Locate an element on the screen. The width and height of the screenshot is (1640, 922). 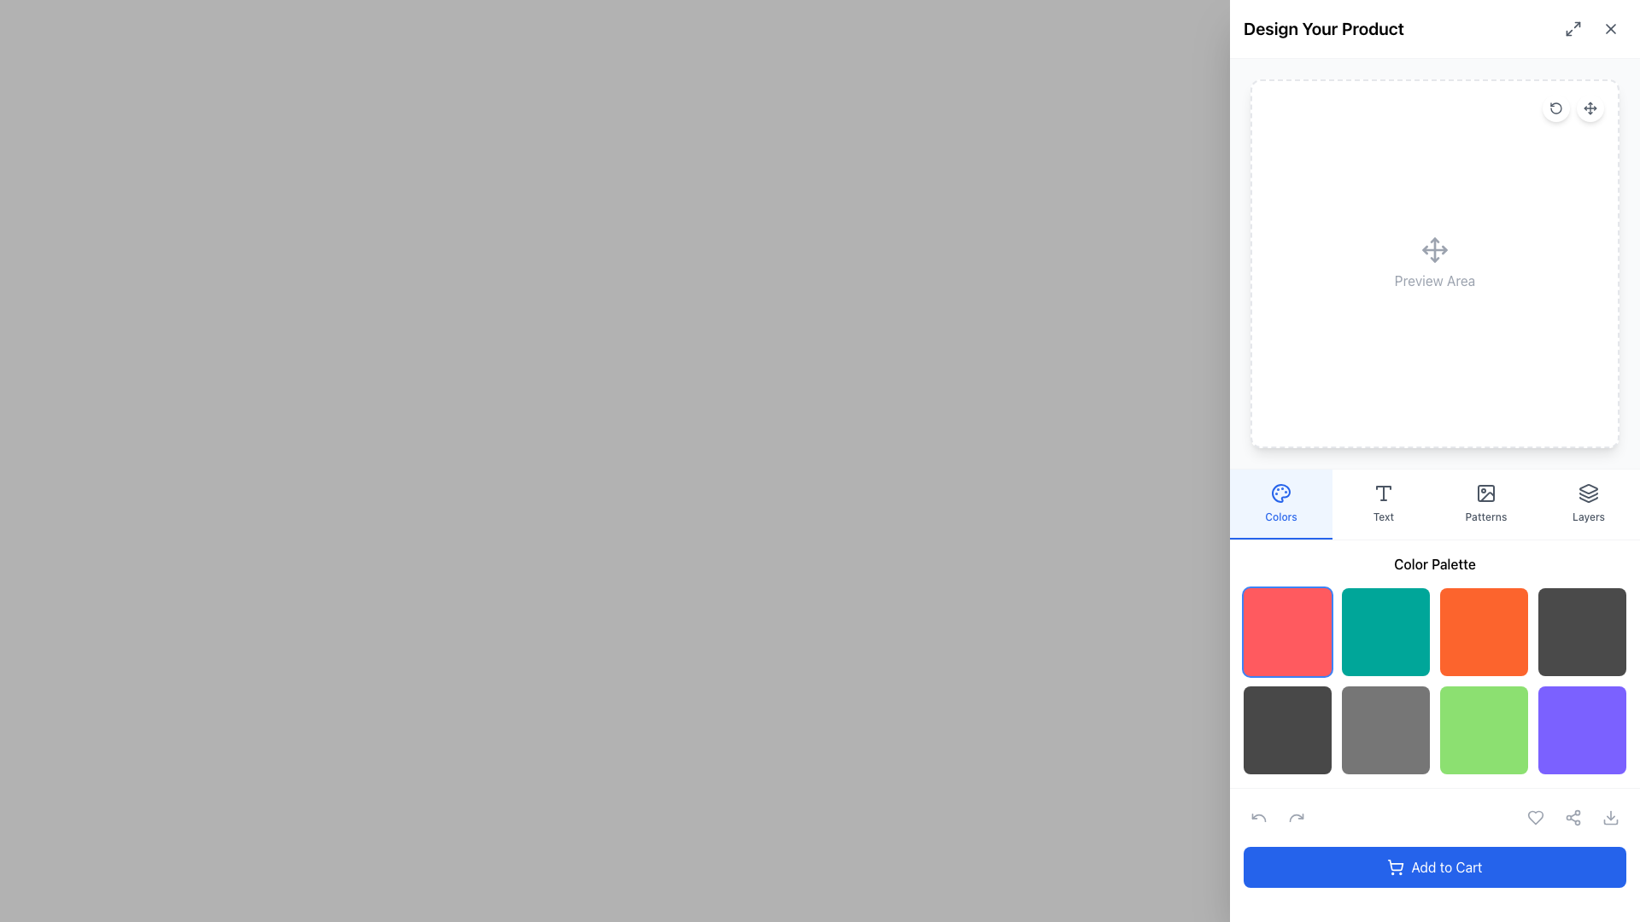
the close button located at the top-right corner of the main interface is located at coordinates (1610, 29).